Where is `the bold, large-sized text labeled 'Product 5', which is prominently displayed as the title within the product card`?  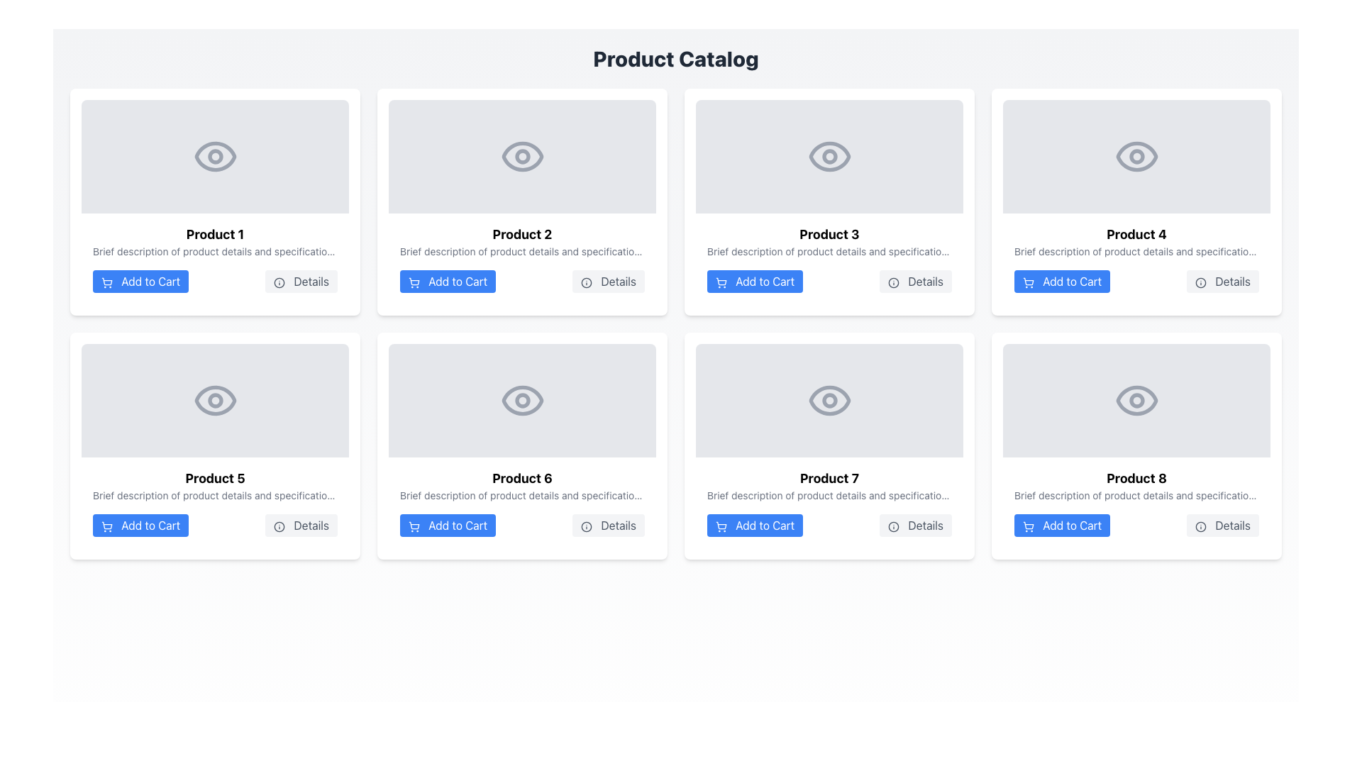 the bold, large-sized text labeled 'Product 5', which is prominently displayed as the title within the product card is located at coordinates (214, 479).